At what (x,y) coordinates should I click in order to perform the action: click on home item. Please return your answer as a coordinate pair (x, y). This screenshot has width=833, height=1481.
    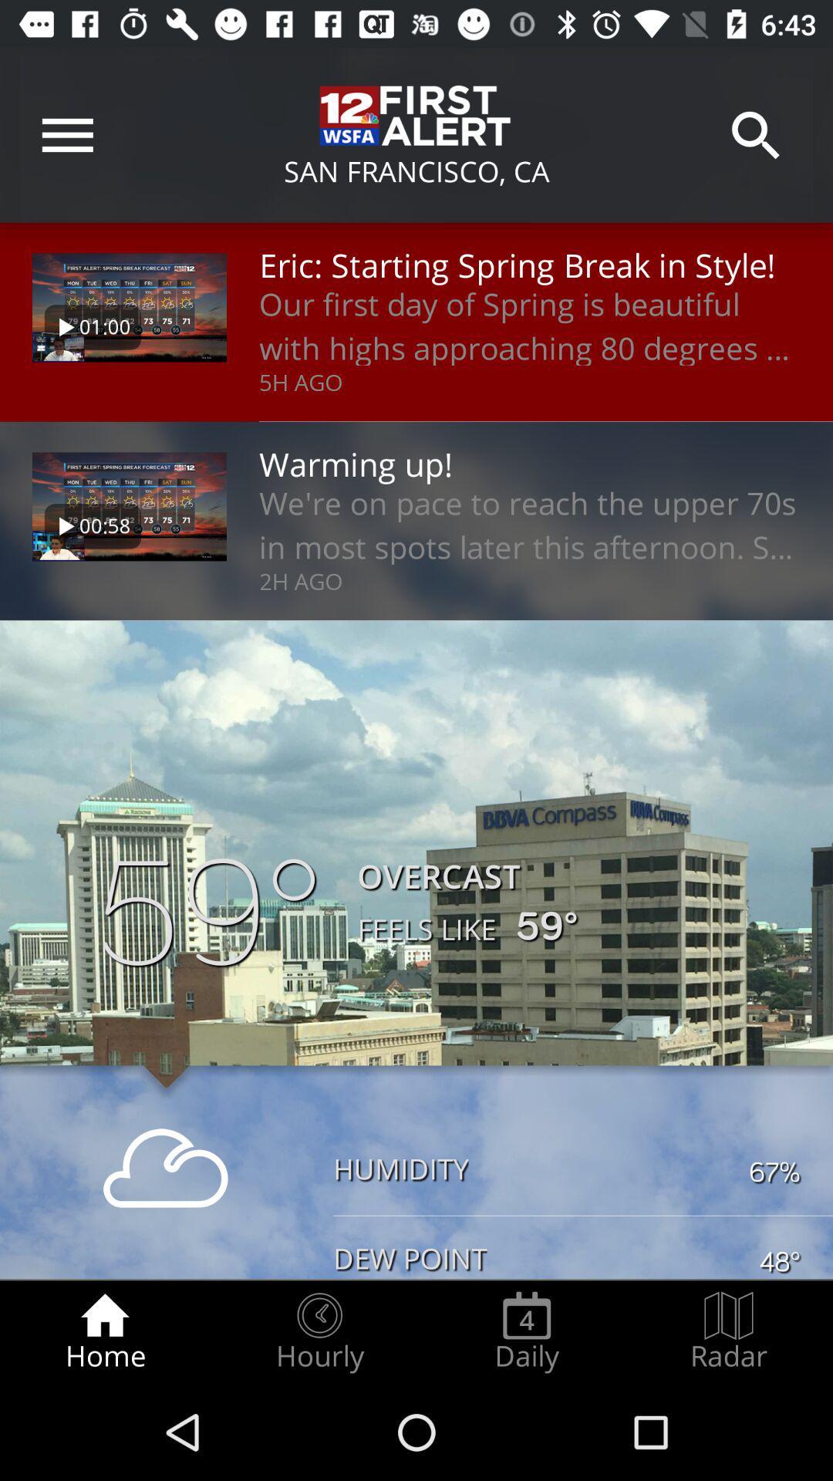
    Looking at the image, I should click on (104, 1331).